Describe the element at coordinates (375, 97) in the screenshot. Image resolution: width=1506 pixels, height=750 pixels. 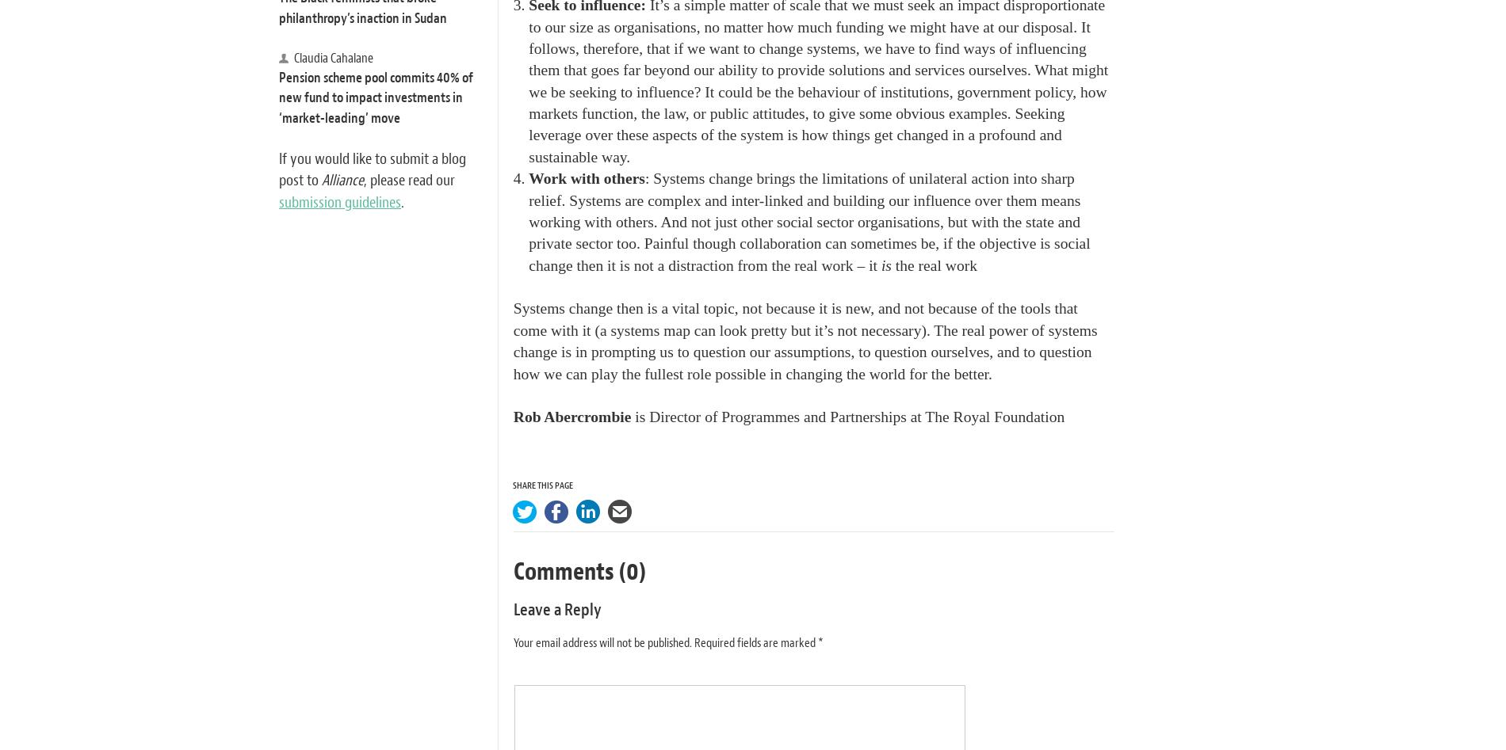
I see `'Pension scheme pool commits 40% of new fund to impact investments in ‘market-leading’ move'` at that location.